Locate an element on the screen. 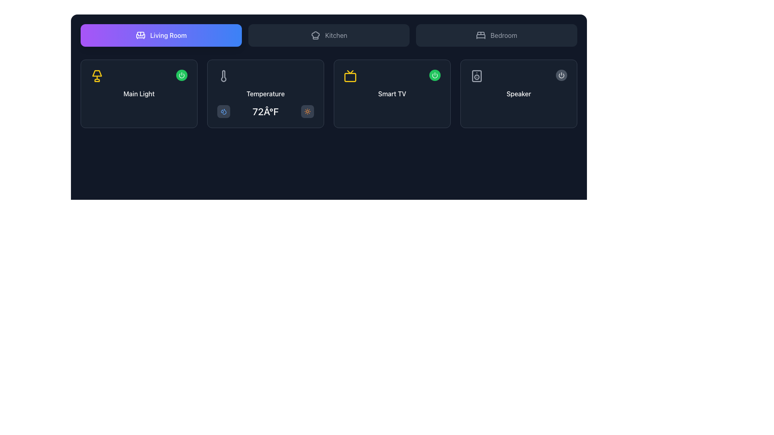 The height and width of the screenshot is (435, 774). the humidity indicator button, which is located to the left of the text '72°F' in the 'Temperature' panel is located at coordinates (224, 112).